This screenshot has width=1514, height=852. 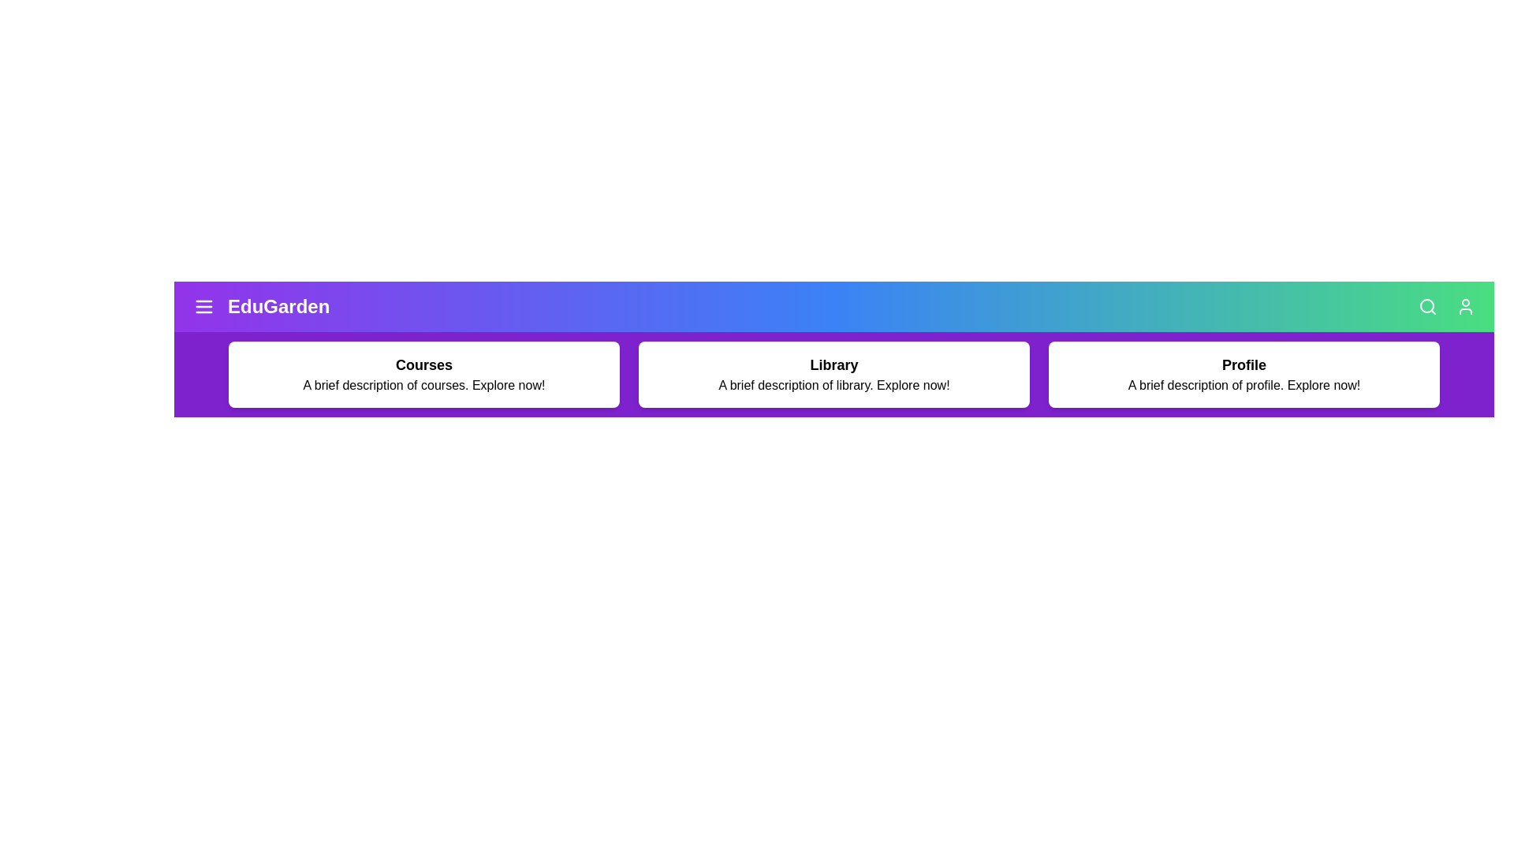 I want to click on the search icon to initiate a search, so click(x=1427, y=307).